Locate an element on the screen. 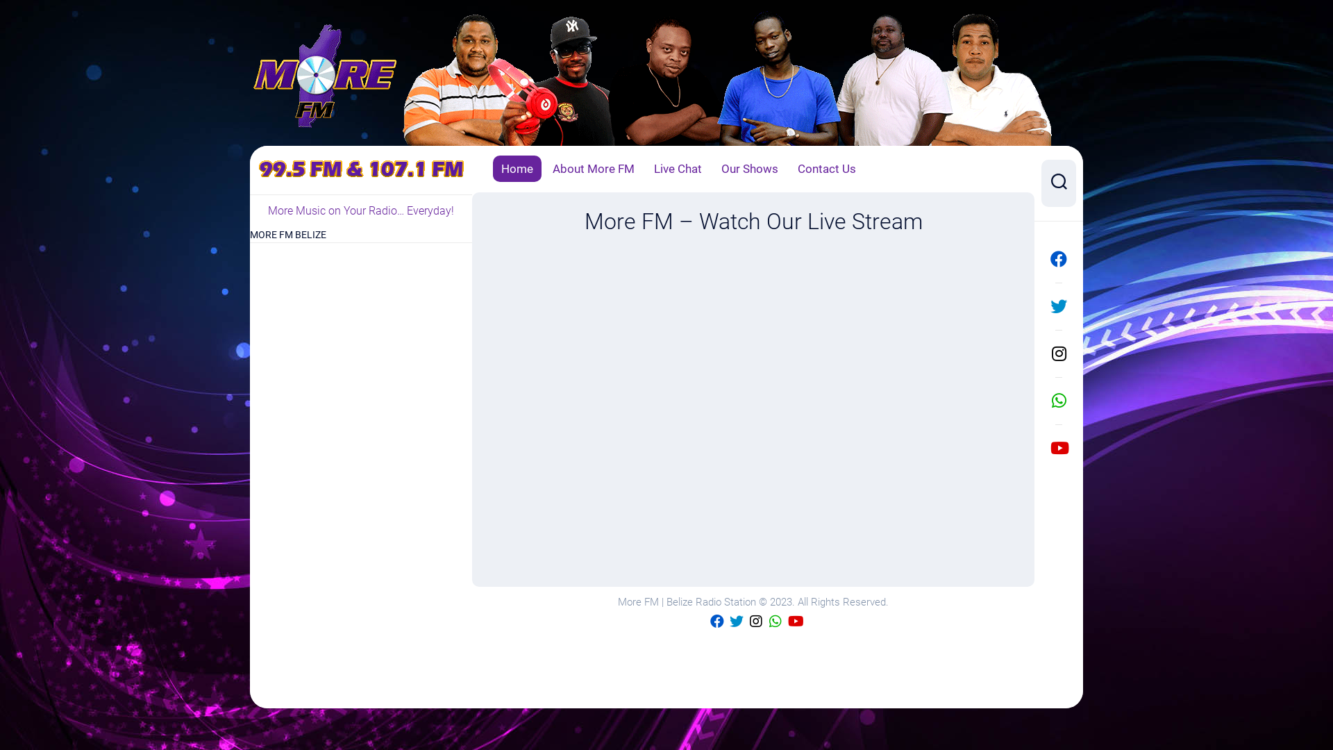 The height and width of the screenshot is (750, 1333). 'Twitter' is located at coordinates (1041, 305).